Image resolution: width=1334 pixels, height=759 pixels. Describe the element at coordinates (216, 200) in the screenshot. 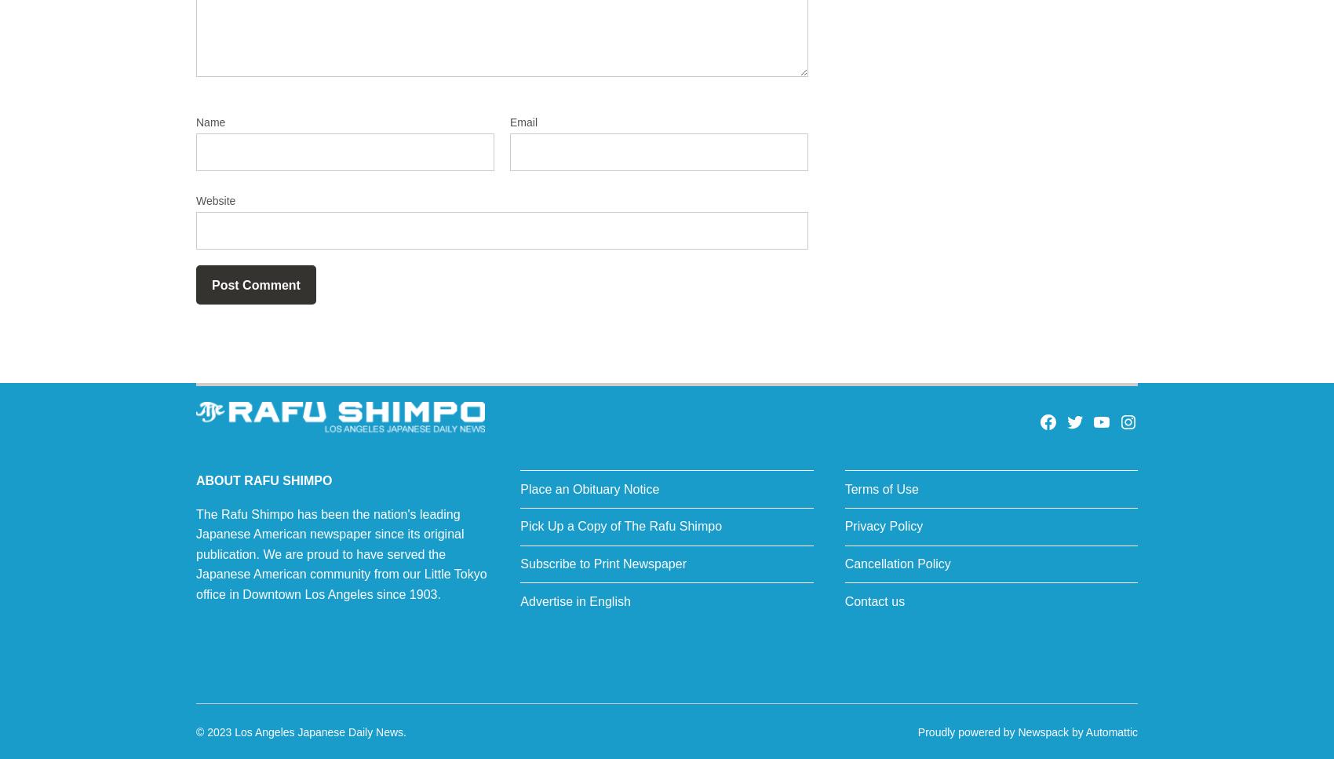

I see `'Website'` at that location.